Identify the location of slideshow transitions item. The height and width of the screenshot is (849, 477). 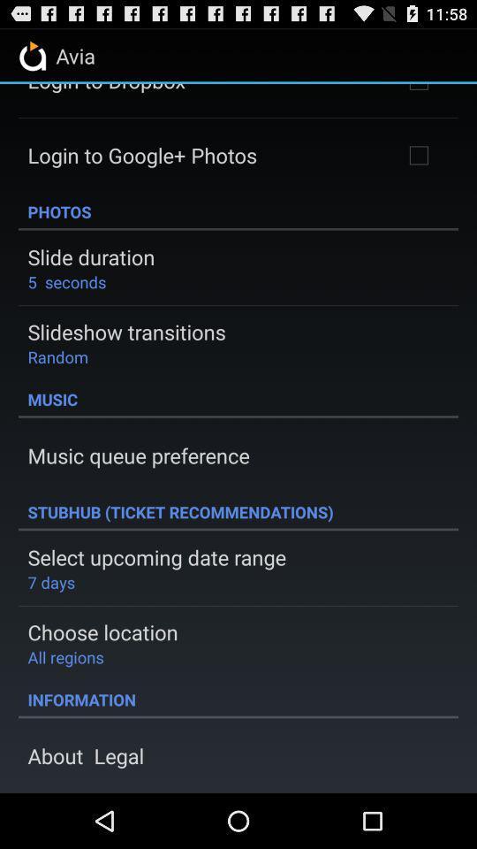
(125, 331).